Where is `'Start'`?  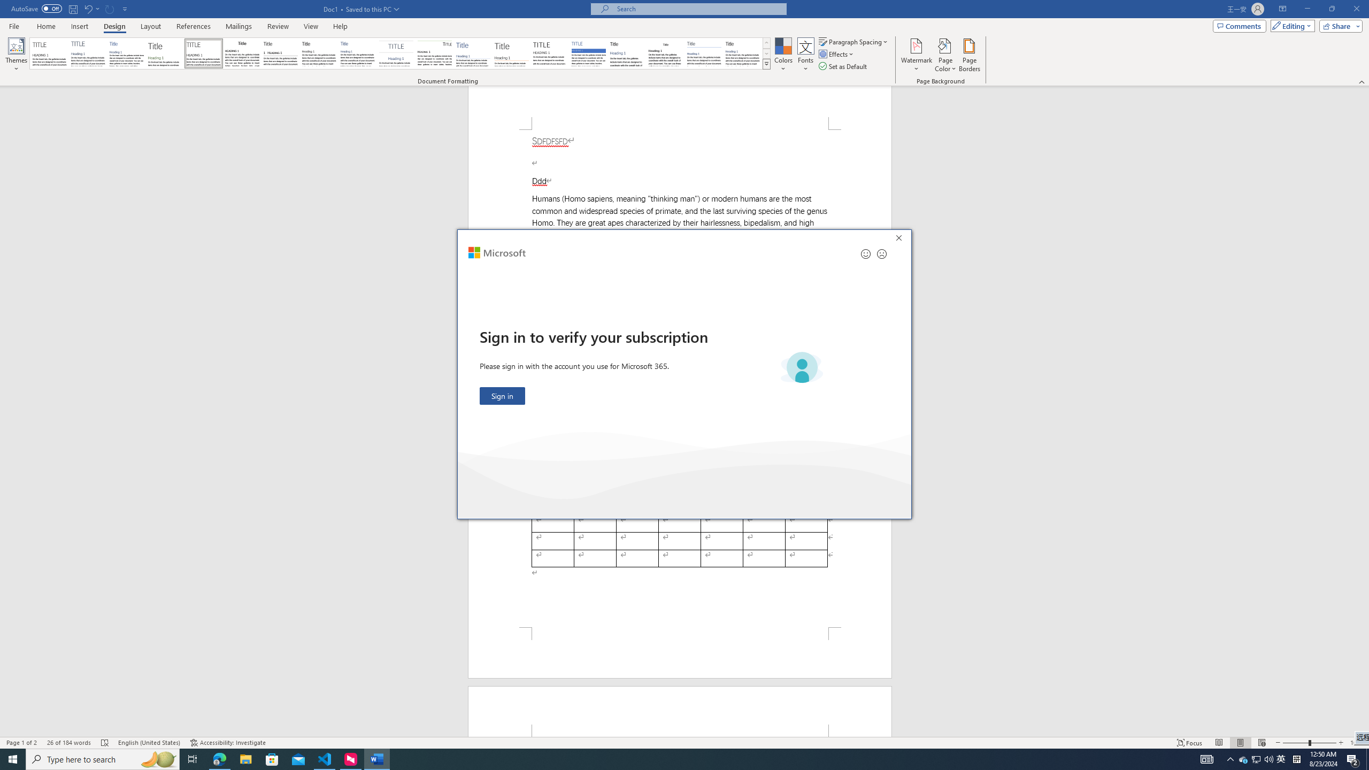
'Start' is located at coordinates (13, 758).